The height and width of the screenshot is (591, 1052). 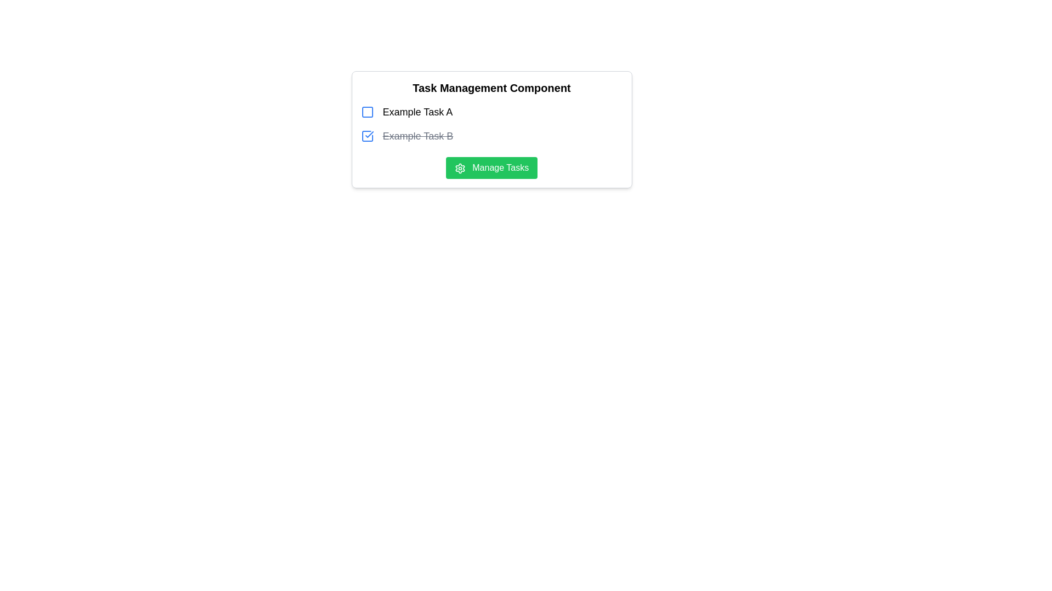 What do you see at coordinates (491, 112) in the screenshot?
I see `the checkbox of the first task item labeled 'Example Task A' to mark it as completed` at bounding box center [491, 112].